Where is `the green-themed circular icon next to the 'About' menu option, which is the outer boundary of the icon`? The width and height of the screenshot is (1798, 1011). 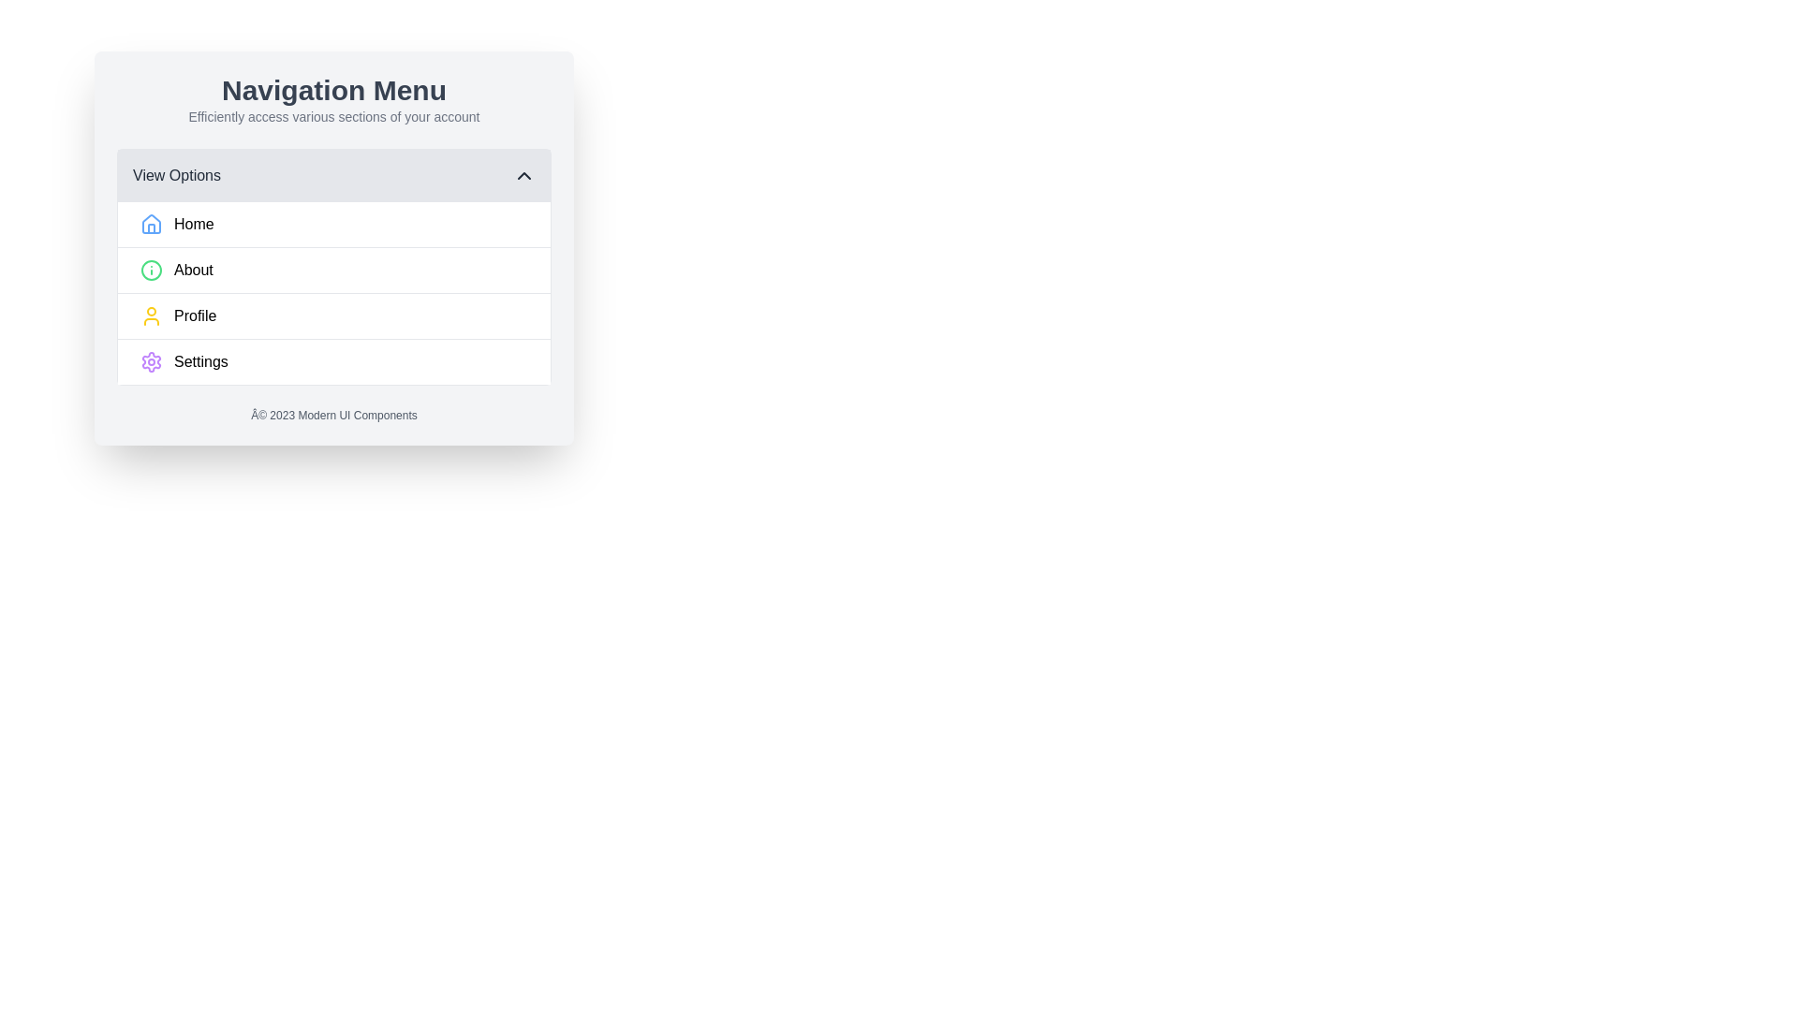
the green-themed circular icon next to the 'About' menu option, which is the outer boundary of the icon is located at coordinates (152, 271).